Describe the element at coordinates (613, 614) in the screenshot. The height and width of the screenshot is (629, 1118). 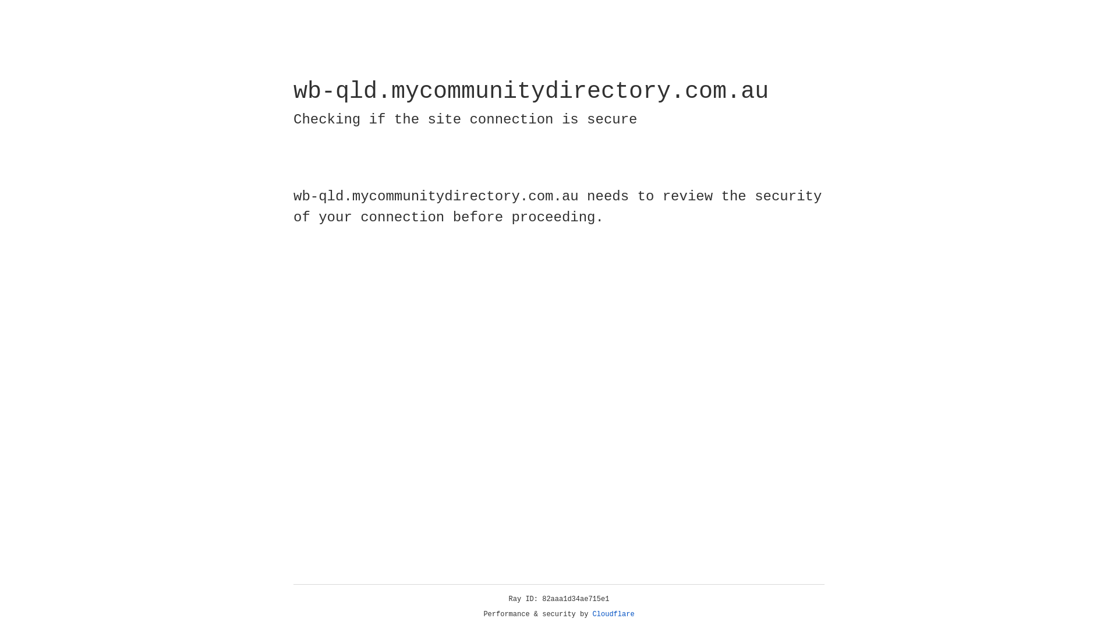
I see `'Cloudflare'` at that location.